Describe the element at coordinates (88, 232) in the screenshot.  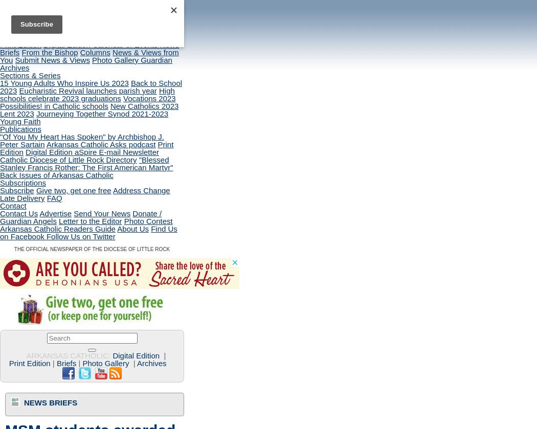
I see `'Find Us on Facebook'` at that location.